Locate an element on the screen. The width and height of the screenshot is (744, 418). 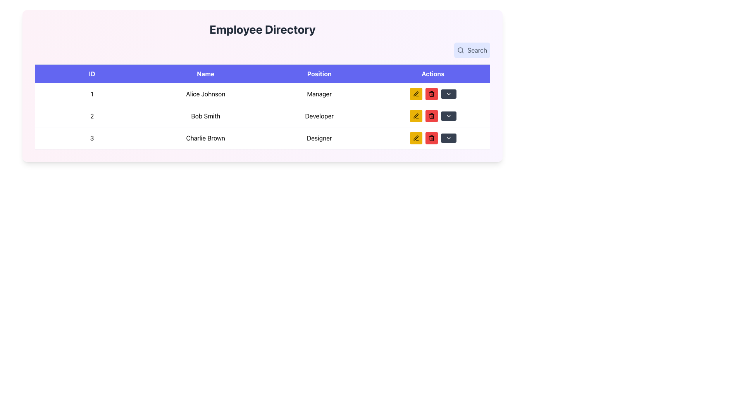
the delete button located on the far right side of the second row in the table under the 'Actions' column, which is the second icon from the left is located at coordinates (431, 116).